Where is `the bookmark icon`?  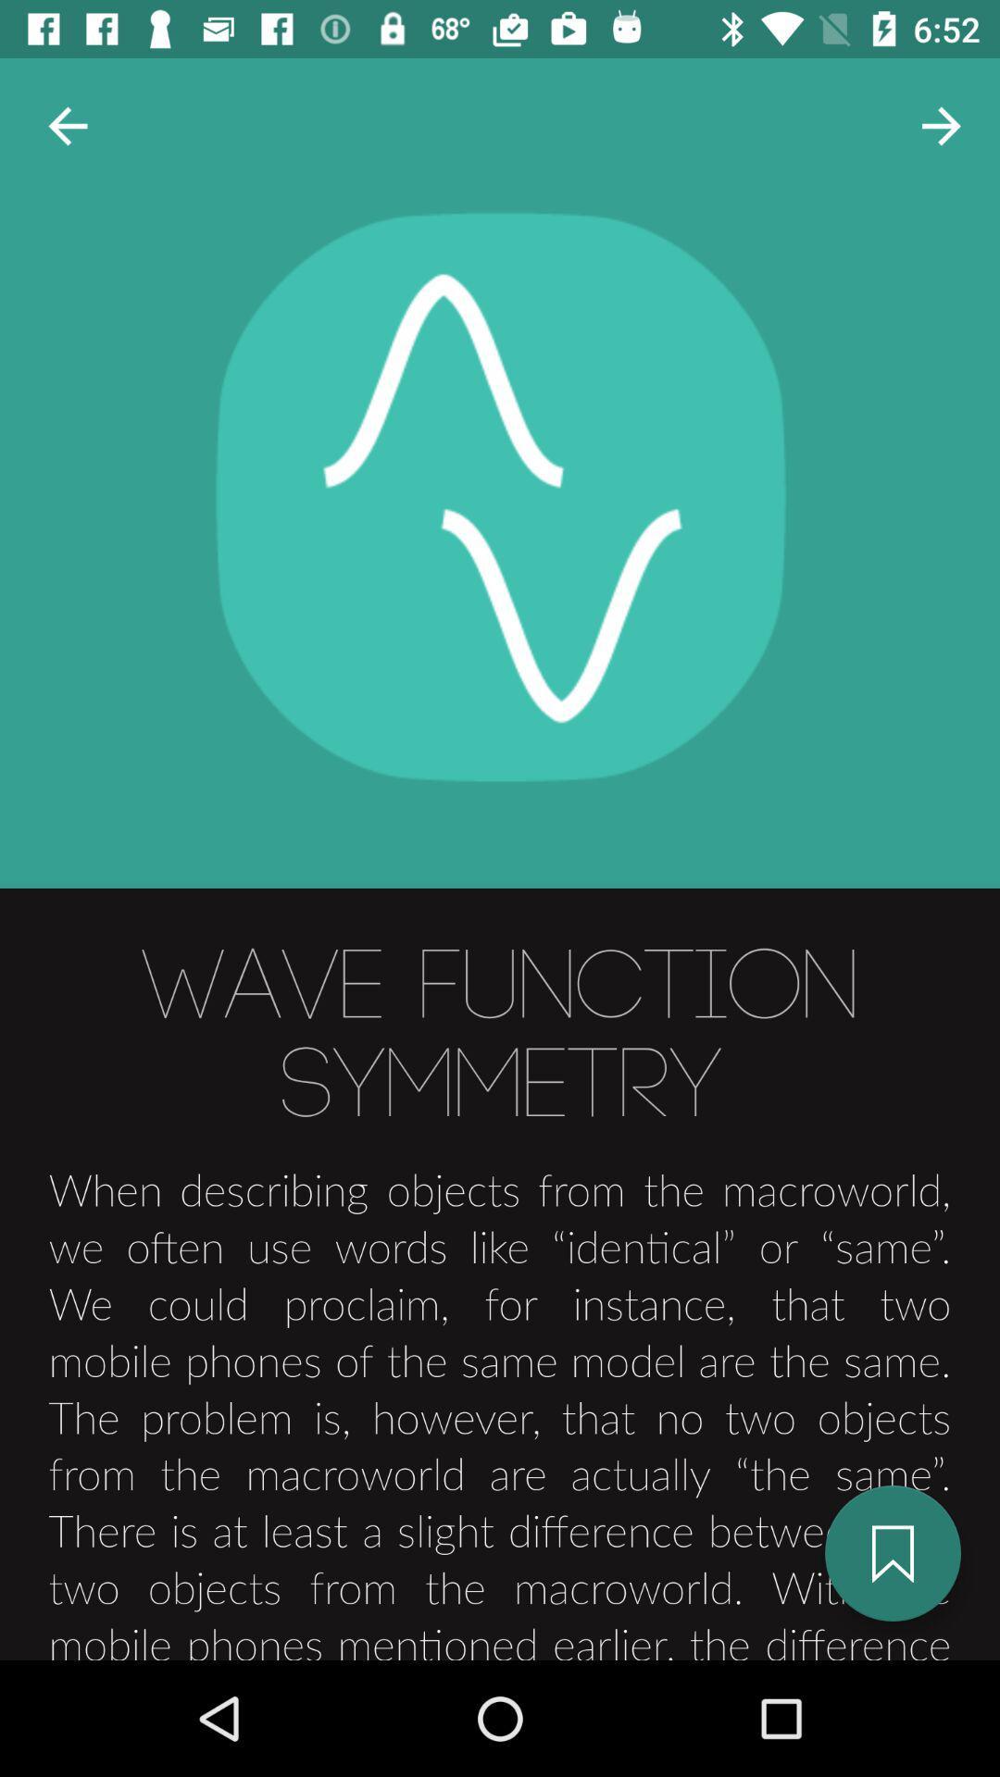
the bookmark icon is located at coordinates (892, 1553).